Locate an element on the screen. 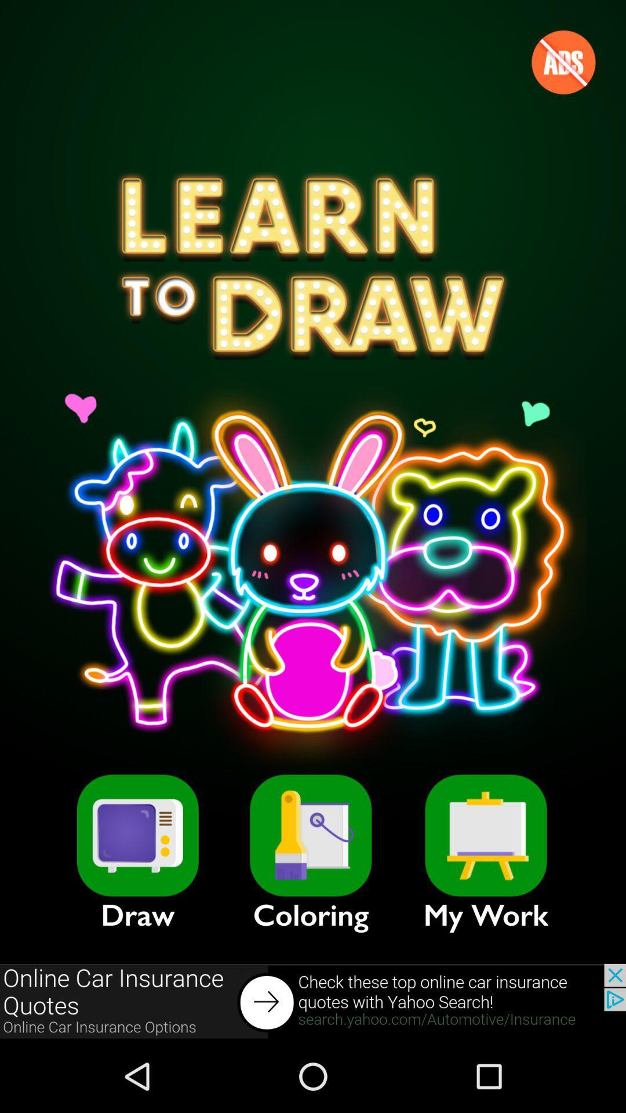  item next to the my work item is located at coordinates (310, 835).